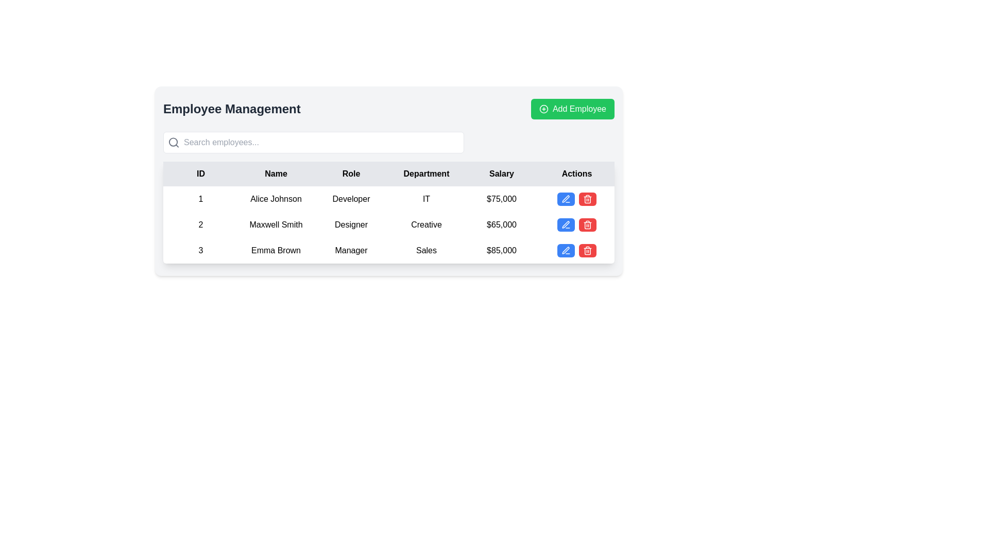  I want to click on the small rectangular blue button with rounded corners displaying a pen icon in the Actions column of the second row, associated with 'Maxwell Smith', so click(566, 224).